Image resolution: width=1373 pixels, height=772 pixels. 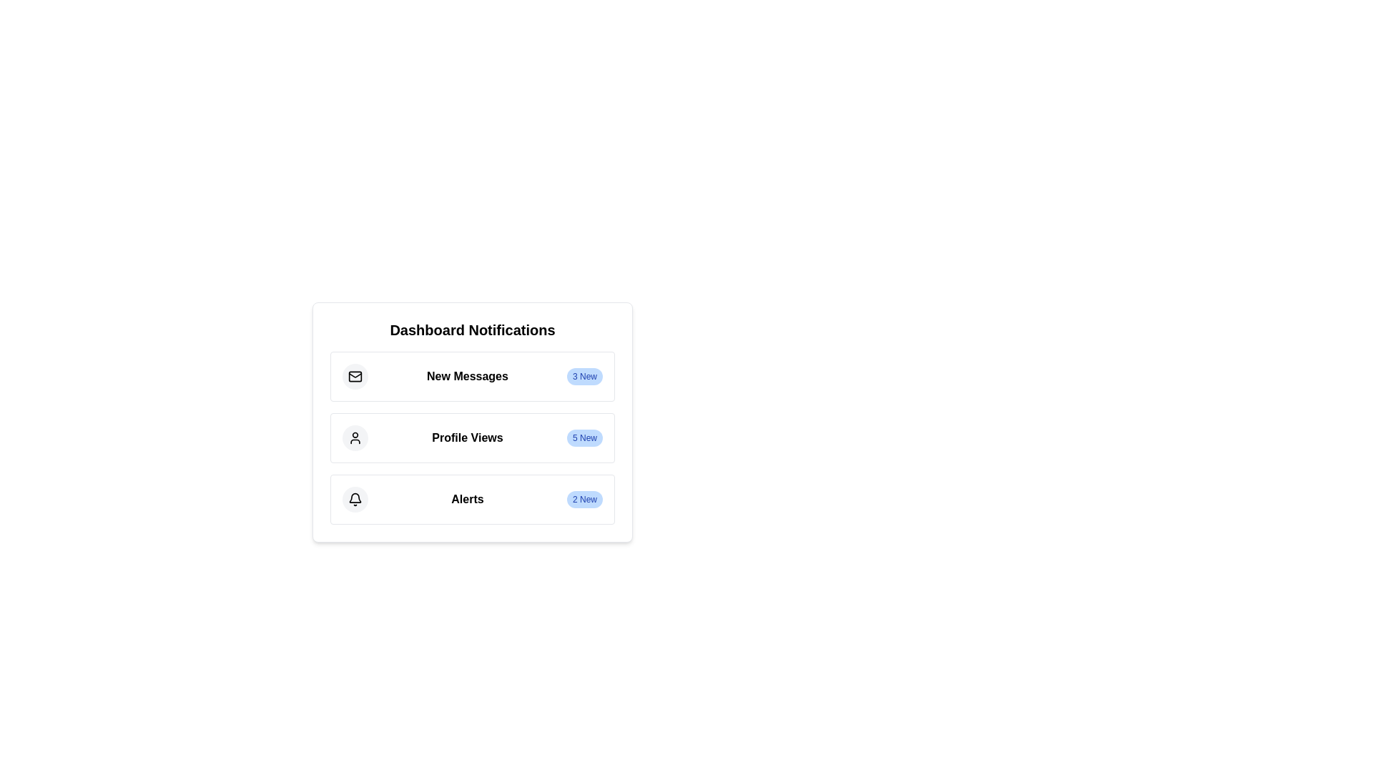 I want to click on the Alerts icon in the notification list, which visually represents important updates needing attention, so click(x=355, y=497).